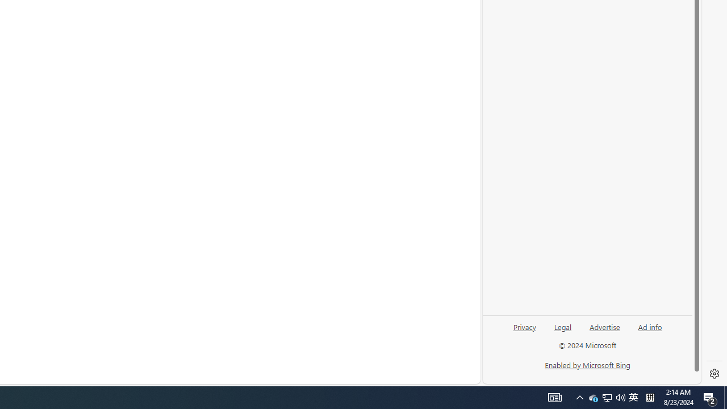 This screenshot has height=409, width=727. Describe the element at coordinates (563, 326) in the screenshot. I see `'Legal'` at that location.